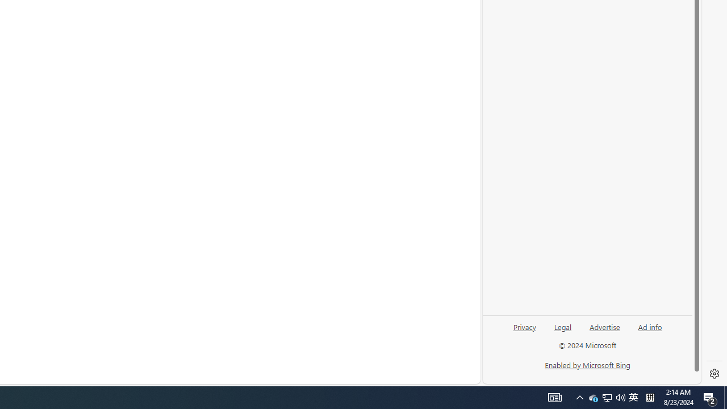 This screenshot has height=409, width=727. Describe the element at coordinates (563, 326) in the screenshot. I see `'Legal'` at that location.